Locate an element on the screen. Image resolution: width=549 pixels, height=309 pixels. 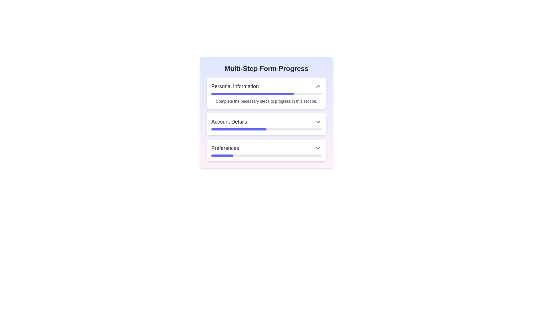
the dropdown toggle button on the right side of the 'Preferences' section is located at coordinates (318, 148).